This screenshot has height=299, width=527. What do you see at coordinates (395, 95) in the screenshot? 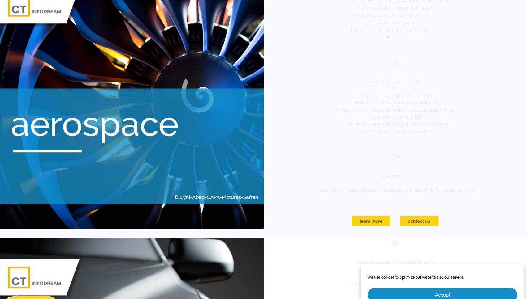
I see `'– Complete traceability at three levels'` at bounding box center [395, 95].